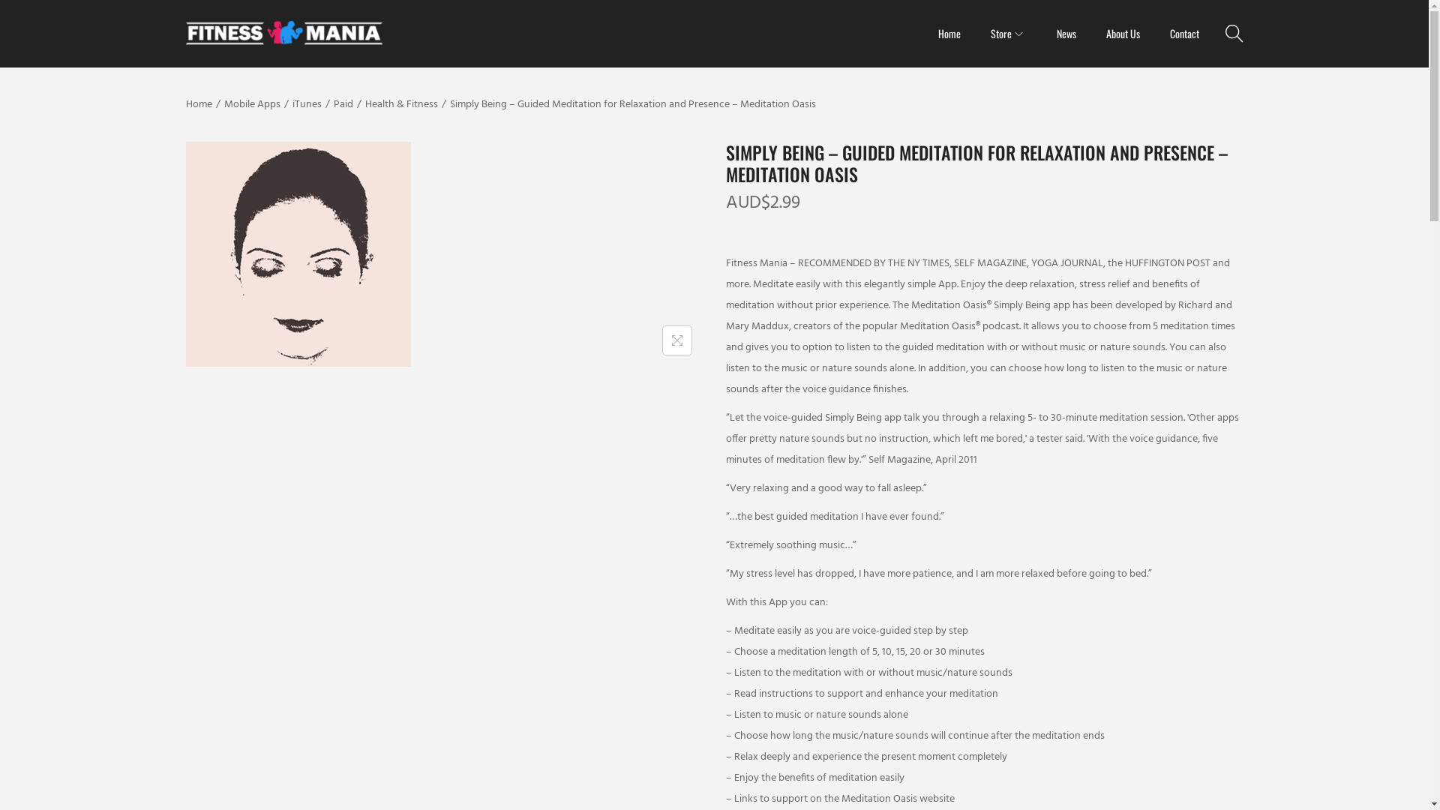 This screenshot has width=1440, height=810. I want to click on 'Home', so click(198, 103).